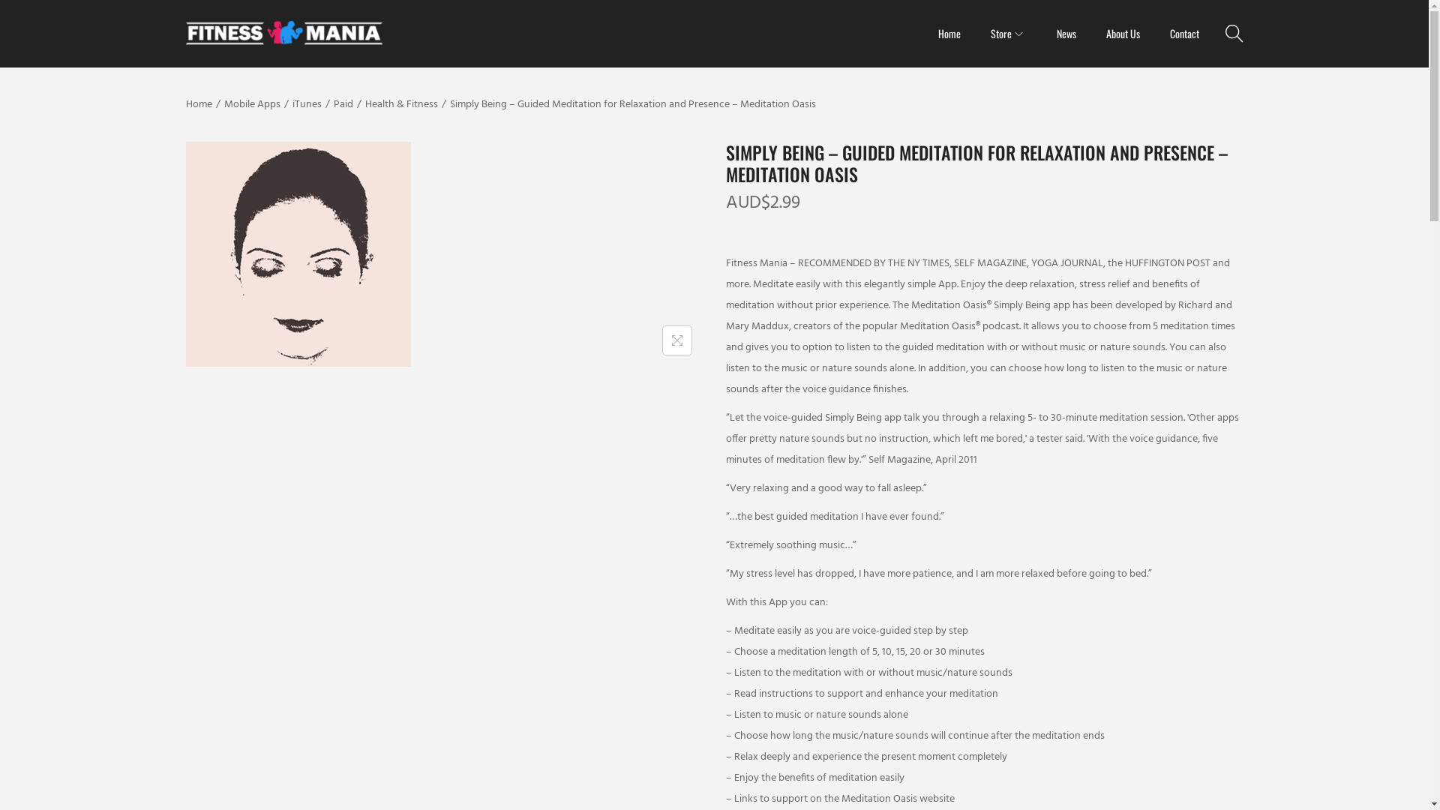 This screenshot has width=1440, height=810. I want to click on 'Home', so click(198, 103).